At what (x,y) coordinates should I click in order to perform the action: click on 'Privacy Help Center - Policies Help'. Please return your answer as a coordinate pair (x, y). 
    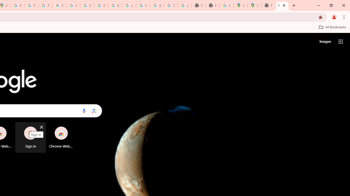
    Looking at the image, I should click on (31, 5).